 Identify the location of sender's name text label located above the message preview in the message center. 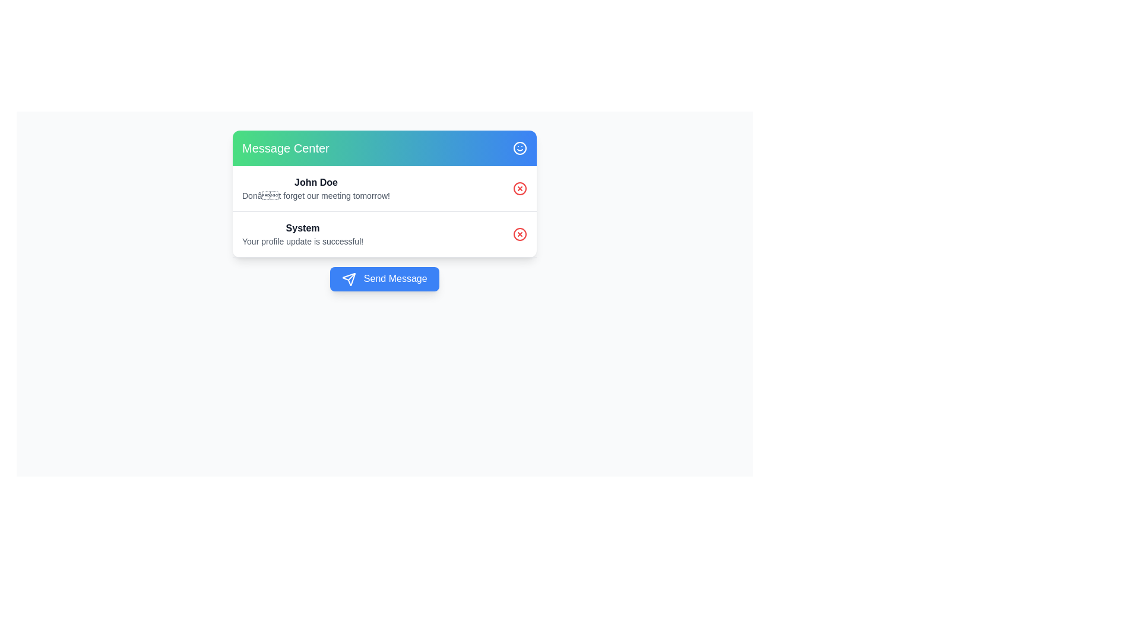
(316, 183).